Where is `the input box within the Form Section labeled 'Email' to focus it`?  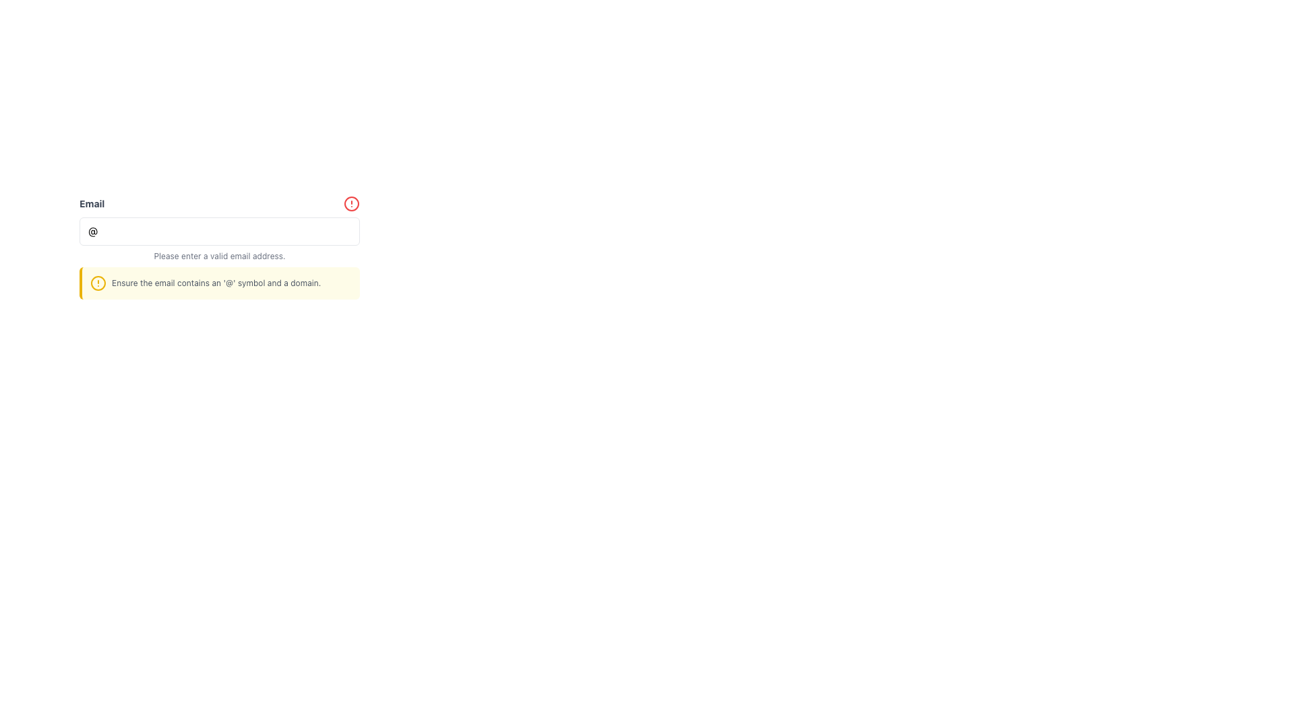
the input box within the Form Section labeled 'Email' to focus it is located at coordinates (220, 247).